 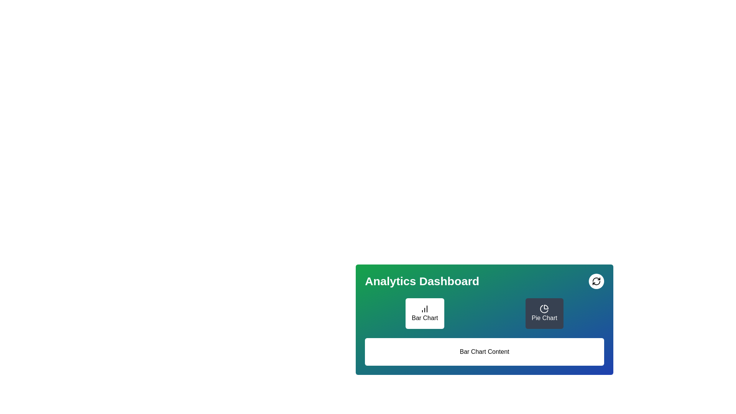 What do you see at coordinates (527, 328) in the screenshot?
I see `the 'Pie Chart' button` at bounding box center [527, 328].